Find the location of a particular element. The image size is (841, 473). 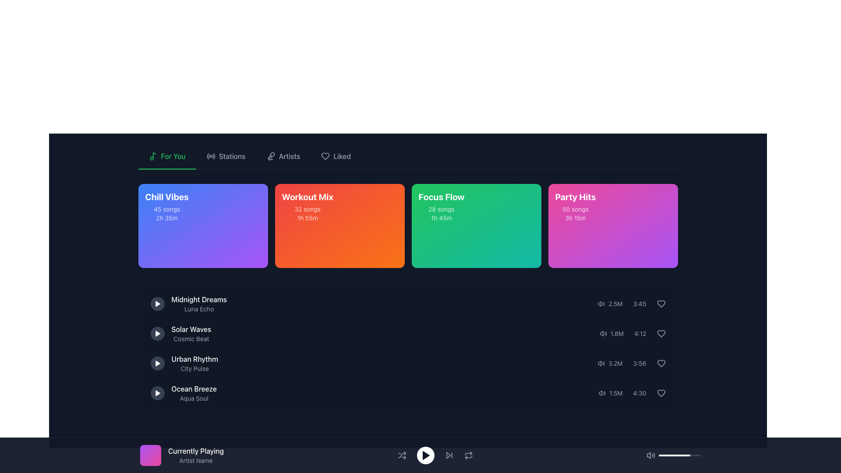

the third arc of the volume icon, which visually represents one of the sound wave indicators is located at coordinates (654, 455).